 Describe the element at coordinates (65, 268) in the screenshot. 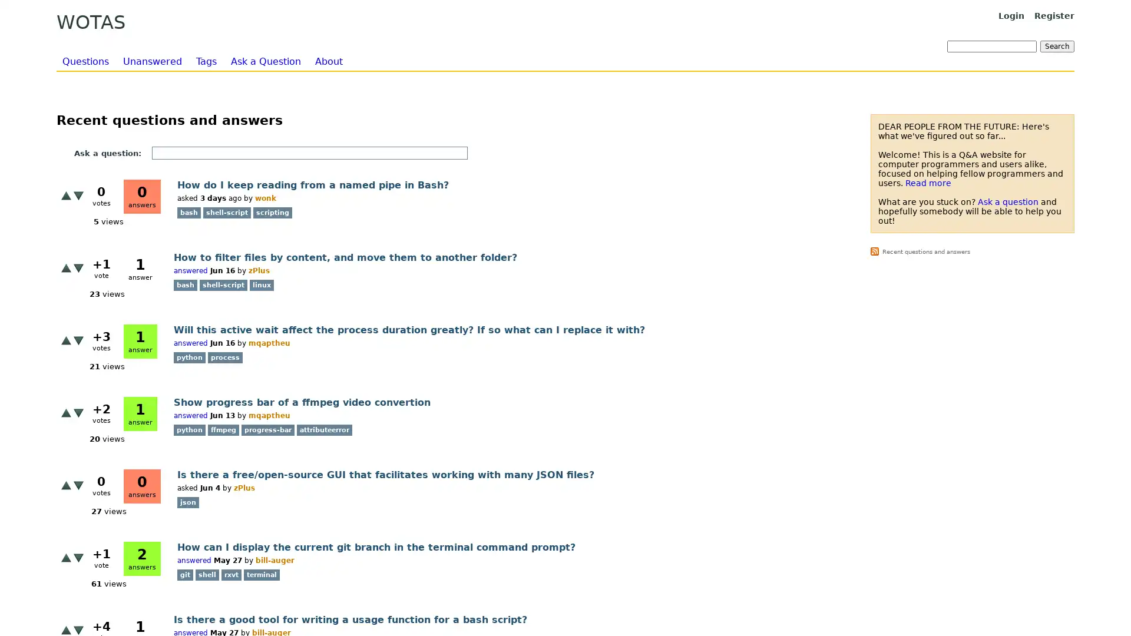

I see `+` at that location.